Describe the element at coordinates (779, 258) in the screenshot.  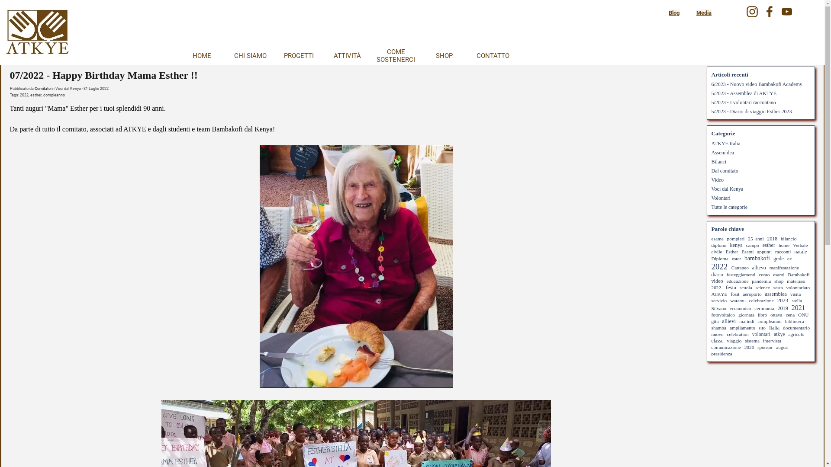
I see `'gede'` at that location.